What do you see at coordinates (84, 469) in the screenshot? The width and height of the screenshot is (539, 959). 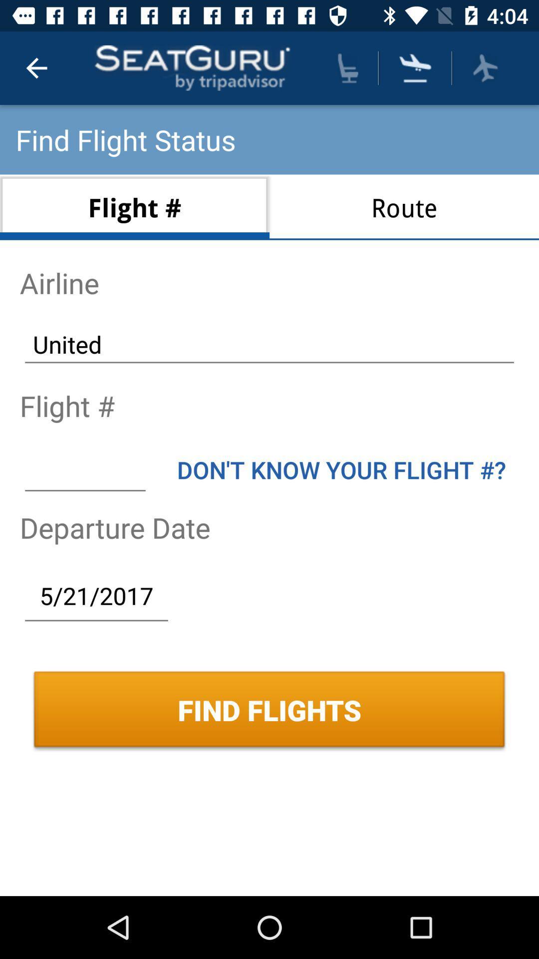 I see `flight name` at bounding box center [84, 469].